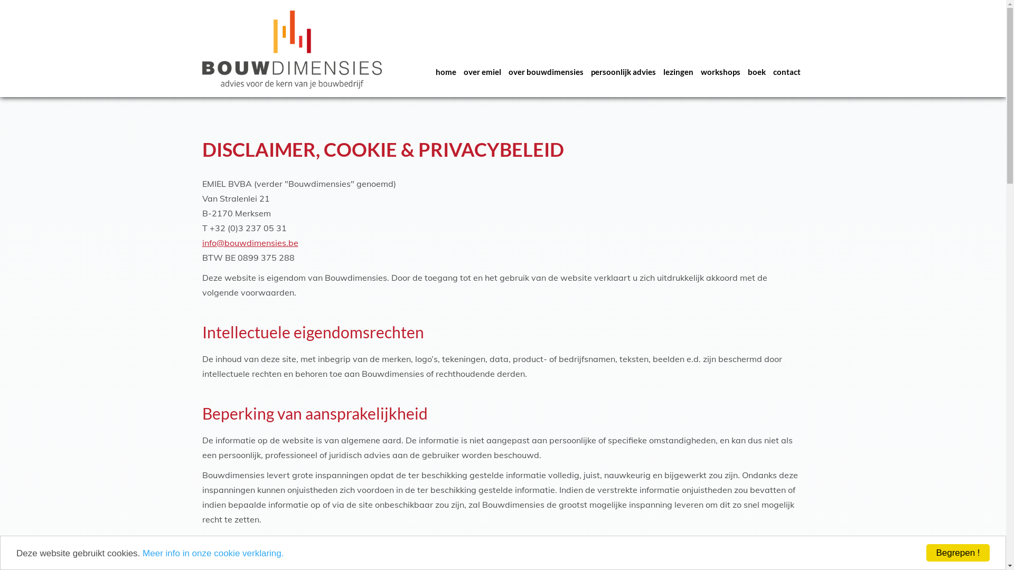 This screenshot has width=1014, height=570. What do you see at coordinates (925, 552) in the screenshot?
I see `'Begrepen !'` at bounding box center [925, 552].